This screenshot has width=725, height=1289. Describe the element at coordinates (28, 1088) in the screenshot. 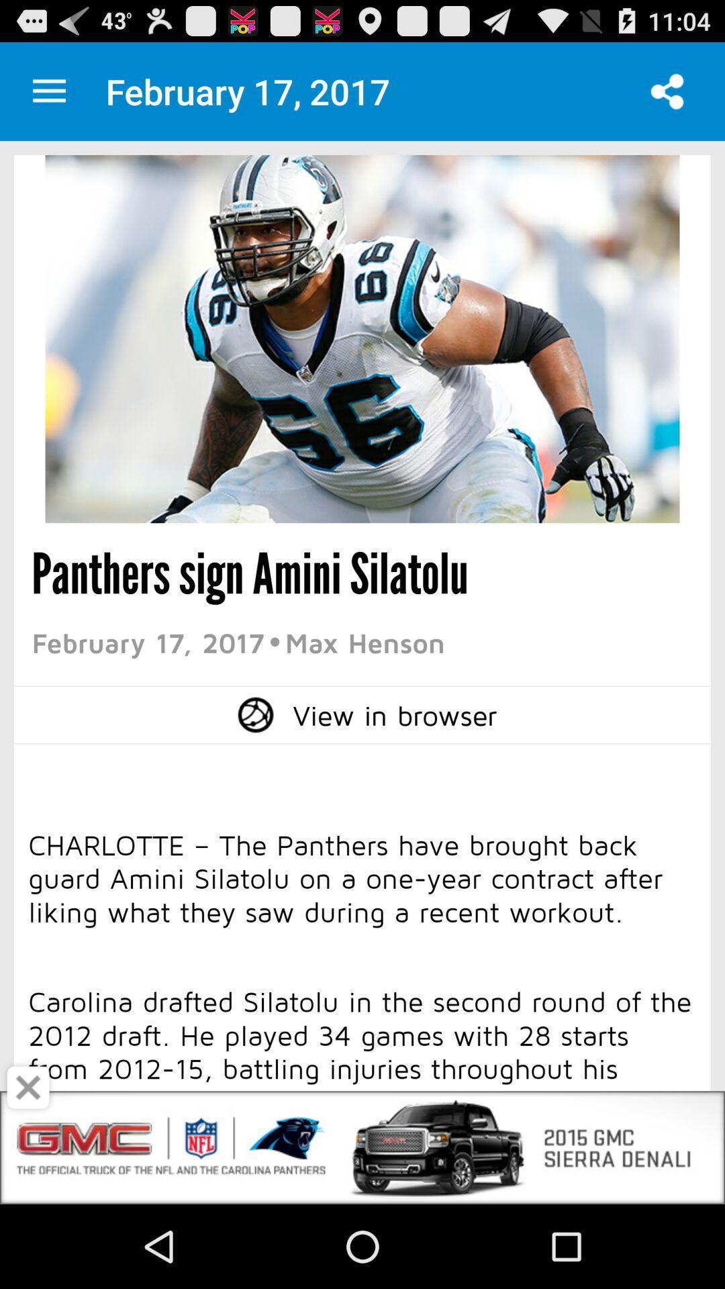

I see `x out of this page` at that location.